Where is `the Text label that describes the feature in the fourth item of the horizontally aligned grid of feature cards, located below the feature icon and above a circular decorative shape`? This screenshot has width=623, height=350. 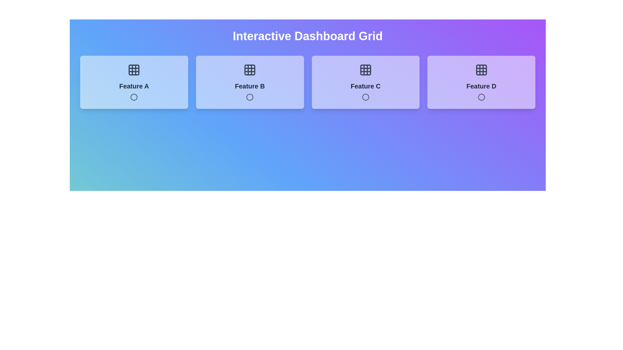 the Text label that describes the feature in the fourth item of the horizontally aligned grid of feature cards, located below the feature icon and above a circular decorative shape is located at coordinates (481, 86).